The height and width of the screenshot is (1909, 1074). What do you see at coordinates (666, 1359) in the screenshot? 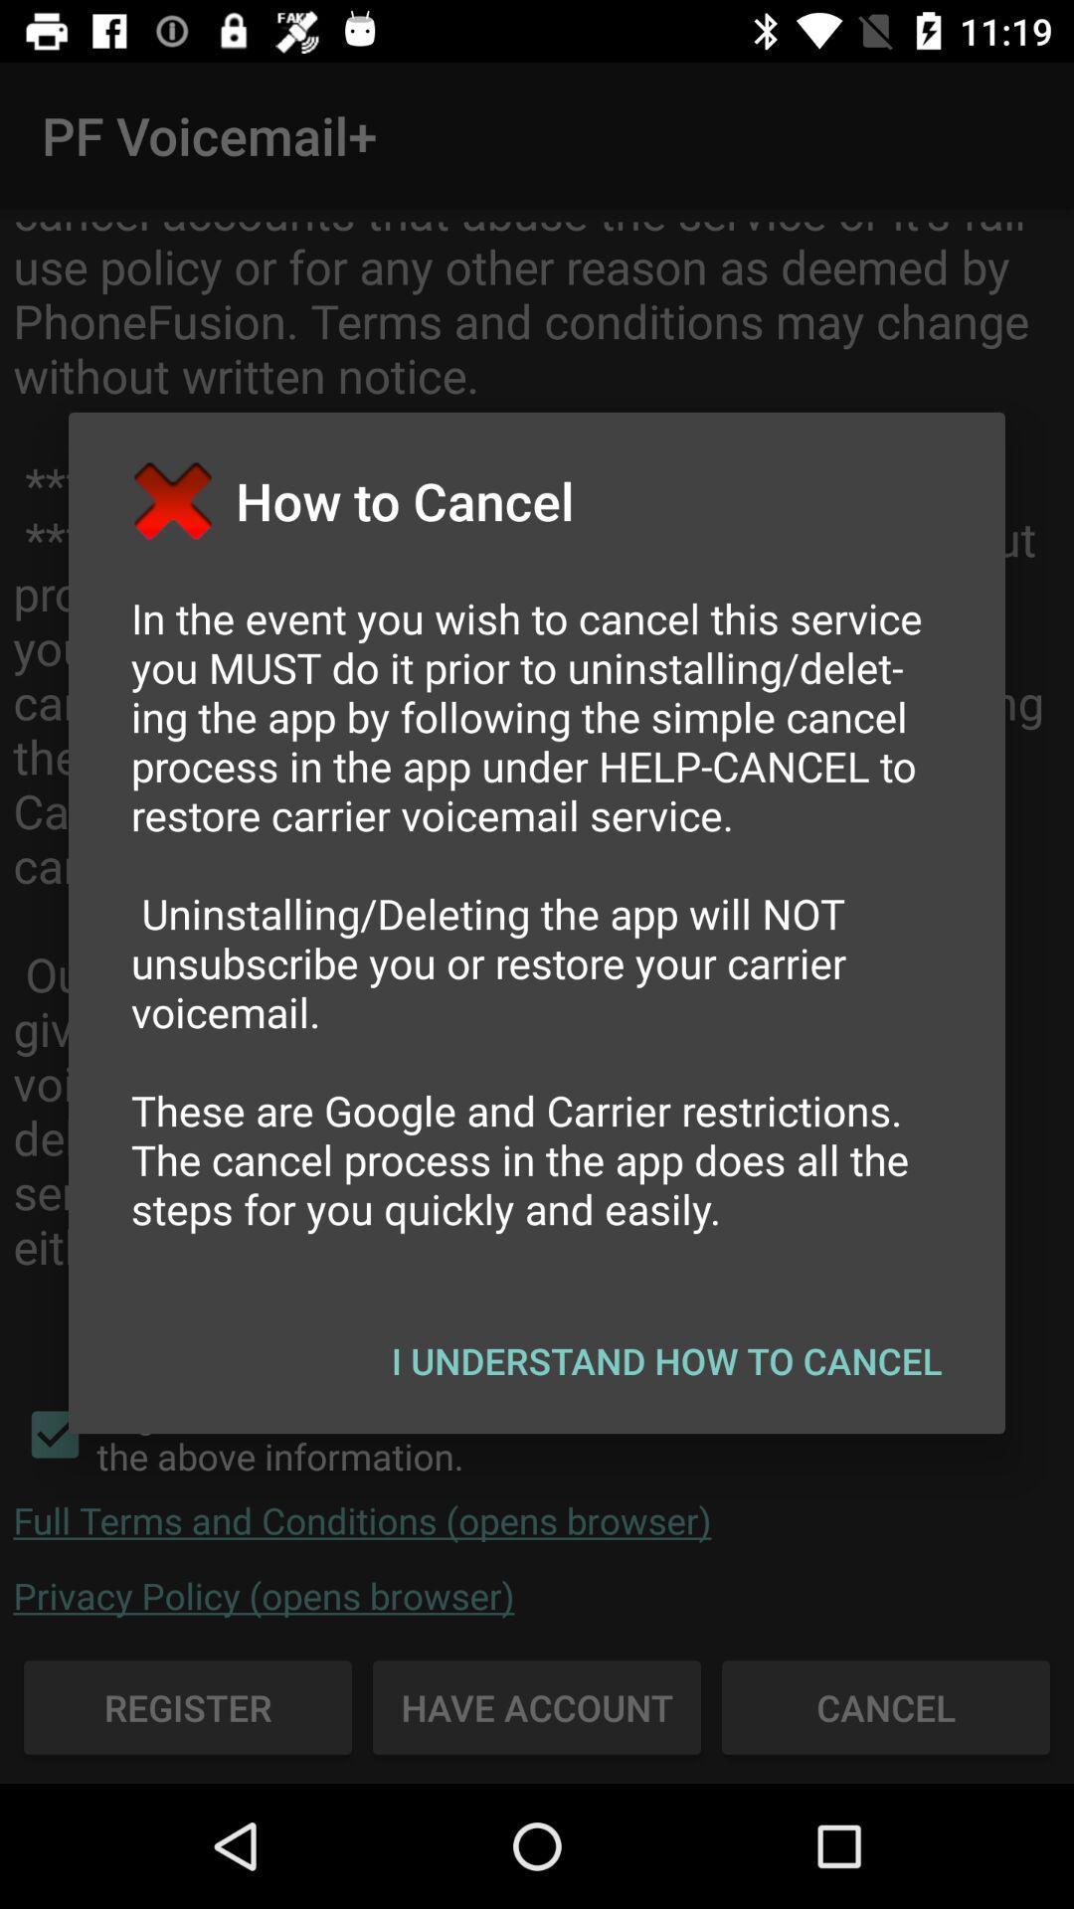
I see `icon at the bottom` at bounding box center [666, 1359].